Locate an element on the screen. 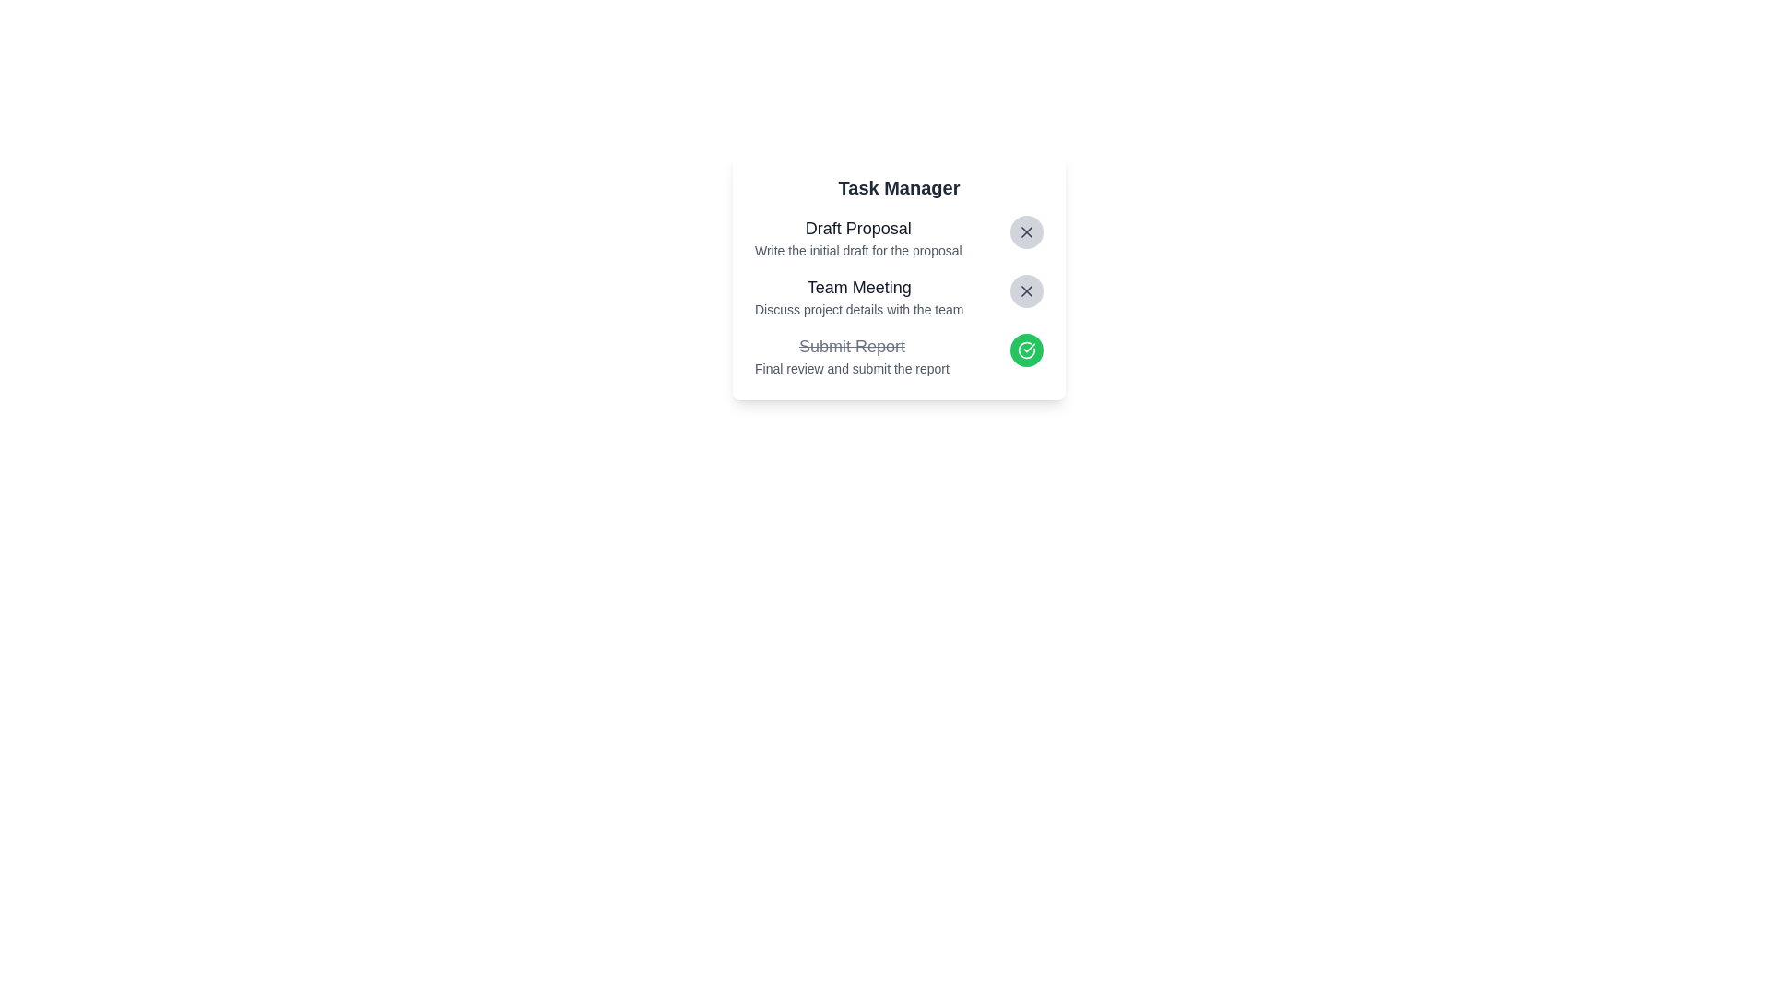 This screenshot has height=996, width=1770. the text element displaying 'Final review and submit the report', which is styled in muted gray and positioned below the crossed out 'Submit Report' is located at coordinates (851, 369).